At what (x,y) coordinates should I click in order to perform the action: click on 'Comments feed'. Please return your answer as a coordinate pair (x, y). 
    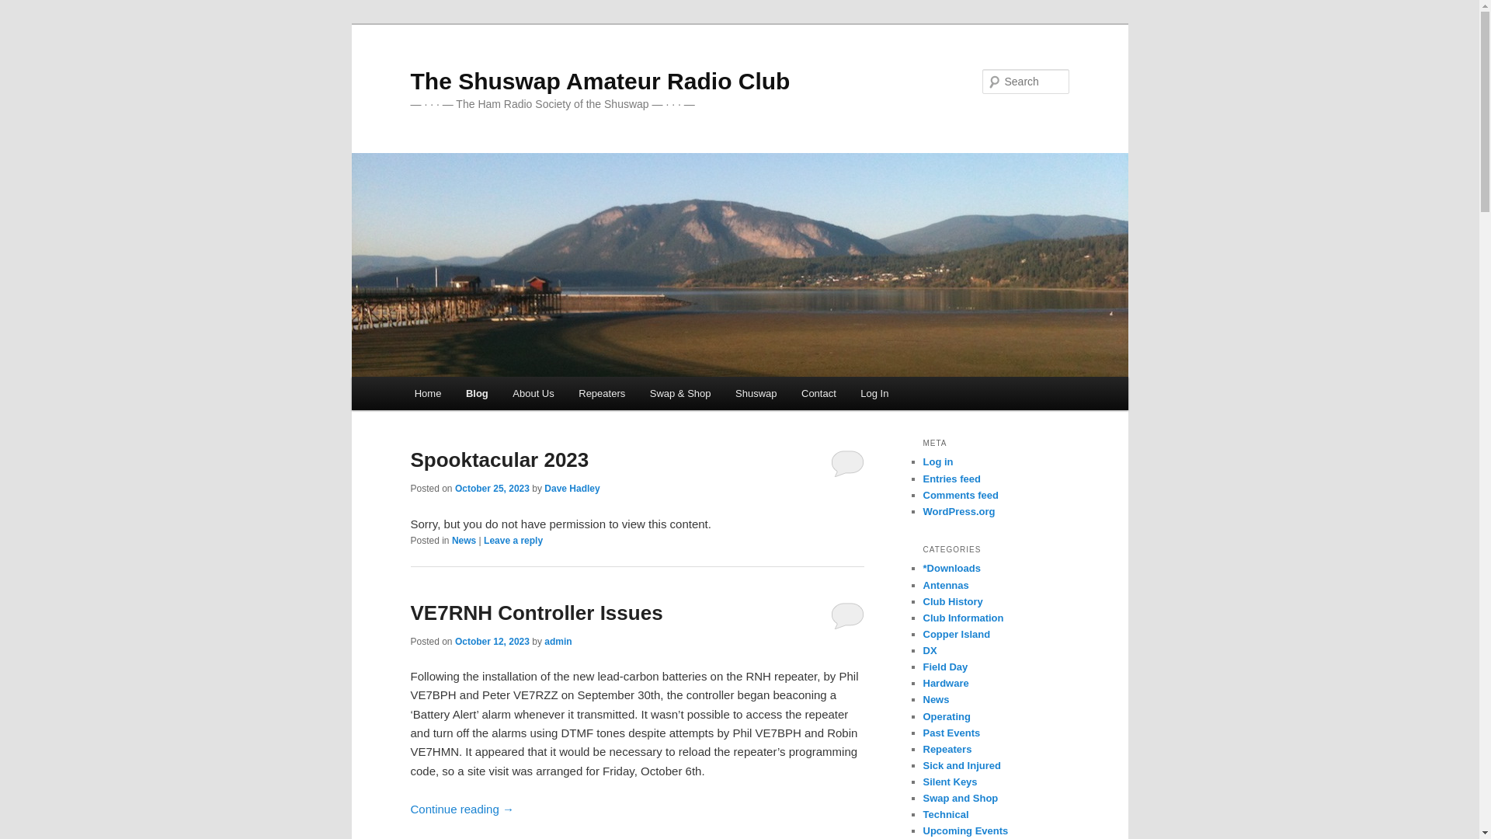
    Looking at the image, I should click on (960, 495).